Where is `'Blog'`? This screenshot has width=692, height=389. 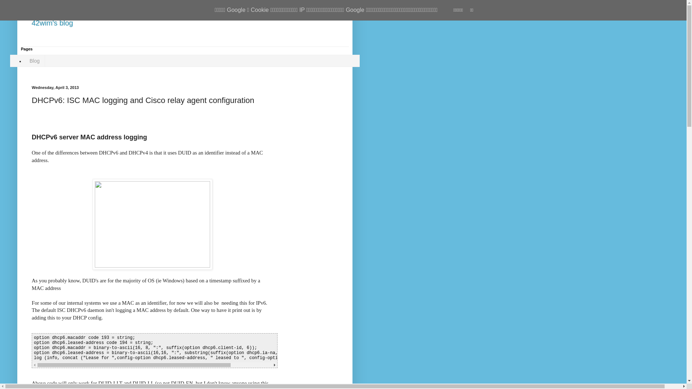 'Blog' is located at coordinates (34, 61).